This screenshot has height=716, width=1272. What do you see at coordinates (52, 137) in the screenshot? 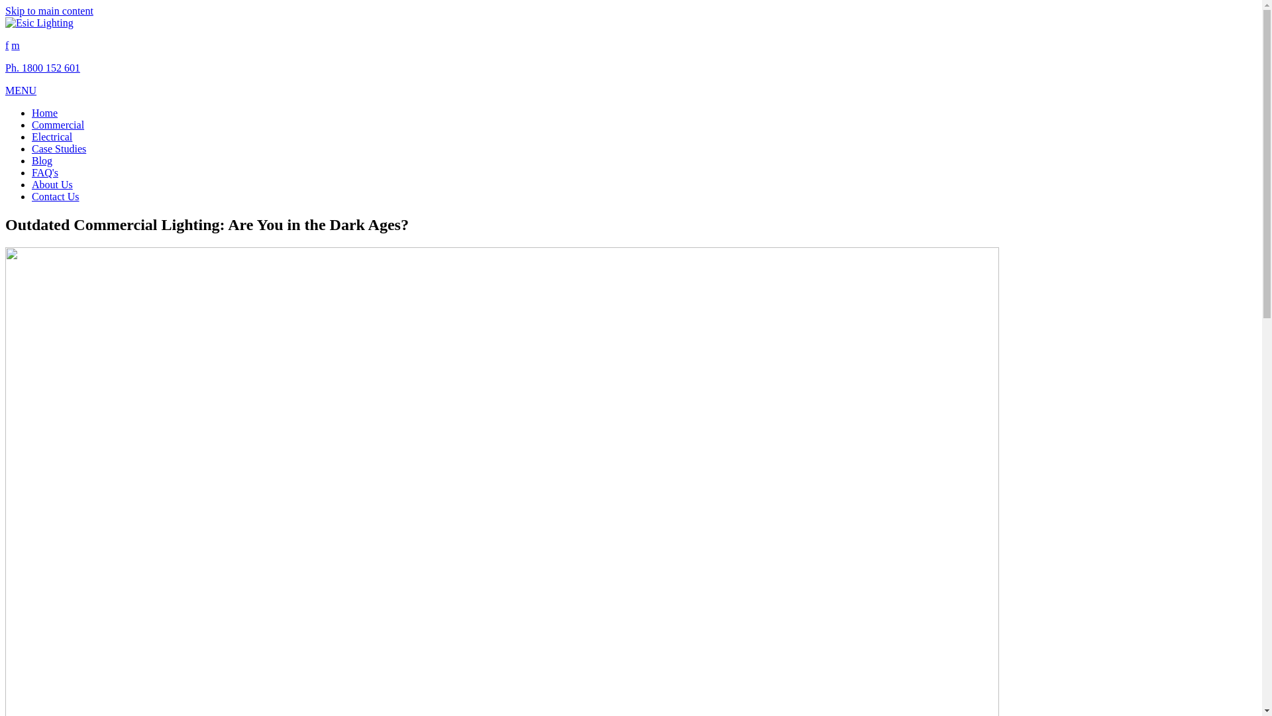
I see `'Electrical'` at bounding box center [52, 137].